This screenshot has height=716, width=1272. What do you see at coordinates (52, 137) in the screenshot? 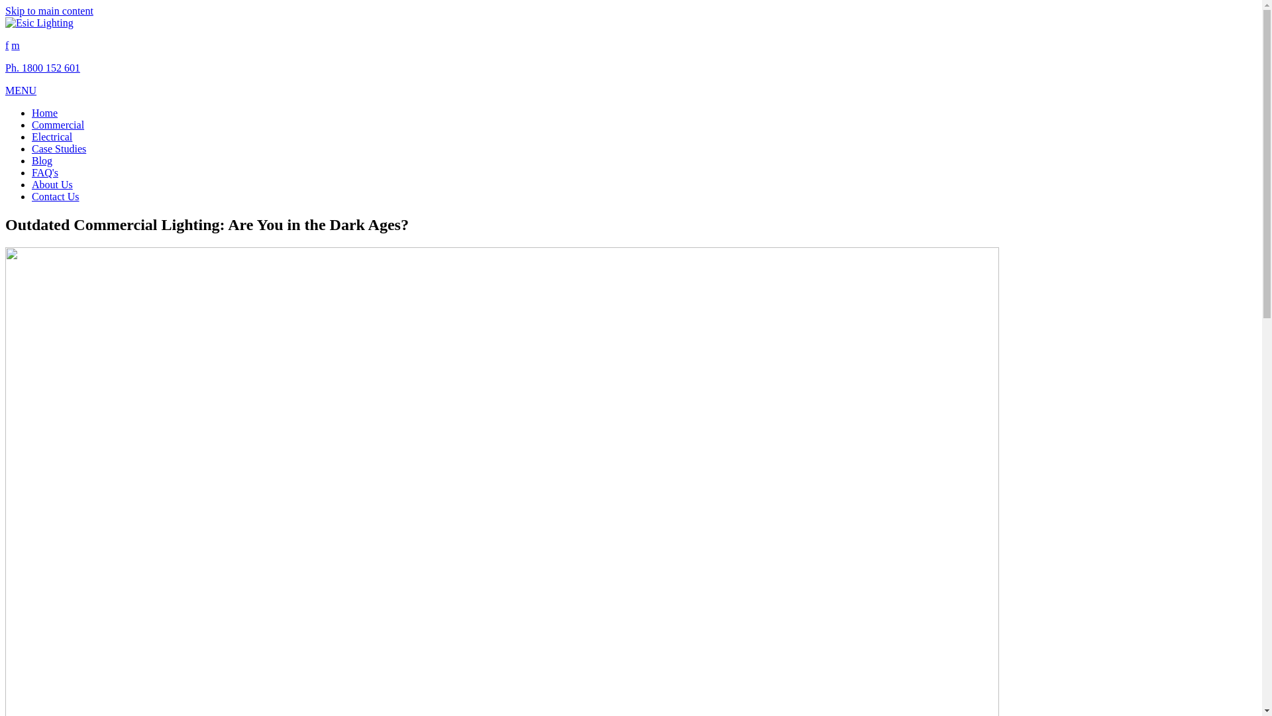
I see `'Electrical'` at bounding box center [52, 137].